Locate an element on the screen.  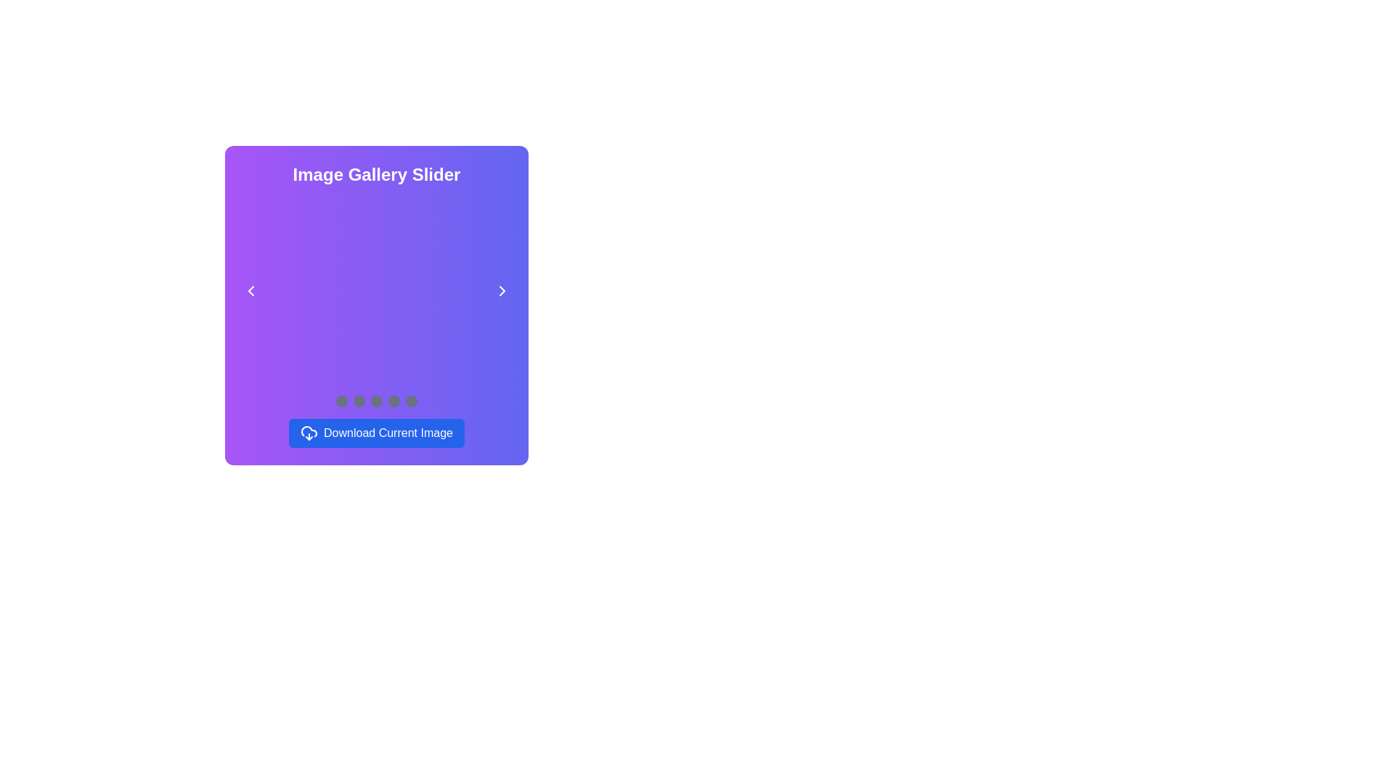
the cloud icon with a downward-pointing arrow, which is located to the left of the 'Download Current Image' button is located at coordinates (309, 433).